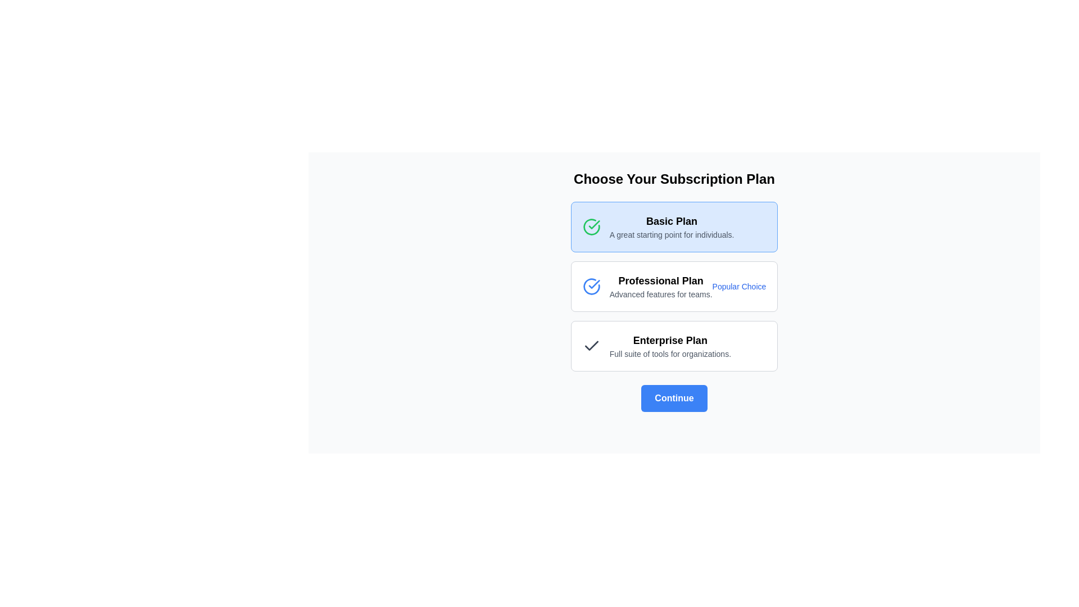 The image size is (1079, 607). Describe the element at coordinates (593, 283) in the screenshot. I see `the checkmark icon within the SVG component that indicates the selection state of the 'Basic Plan' option` at that location.